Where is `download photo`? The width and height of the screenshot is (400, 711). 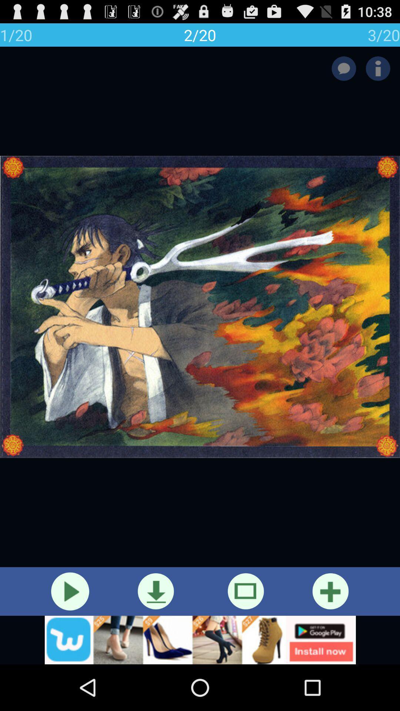
download photo is located at coordinates (155, 591).